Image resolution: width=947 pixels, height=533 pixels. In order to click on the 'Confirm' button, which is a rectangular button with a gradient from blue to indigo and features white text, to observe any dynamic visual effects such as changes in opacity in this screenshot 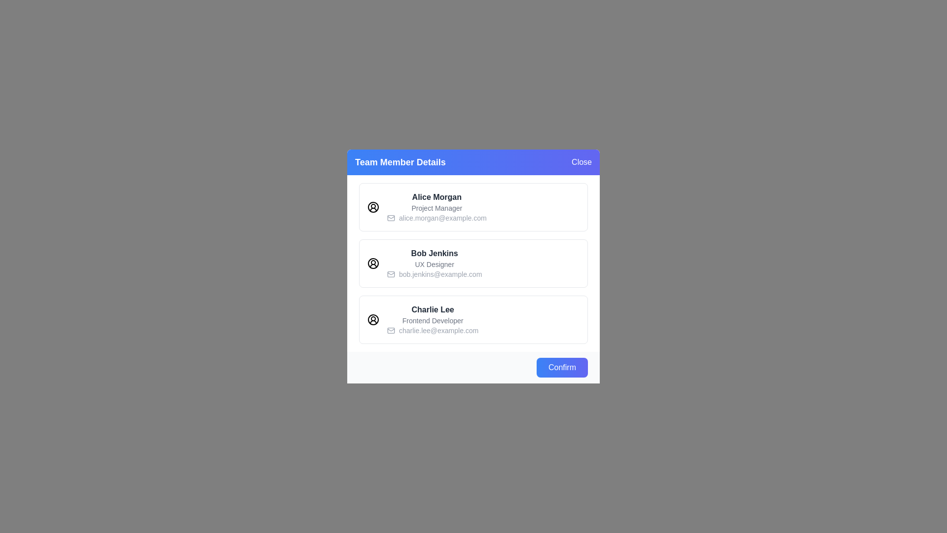, I will do `click(562, 367)`.